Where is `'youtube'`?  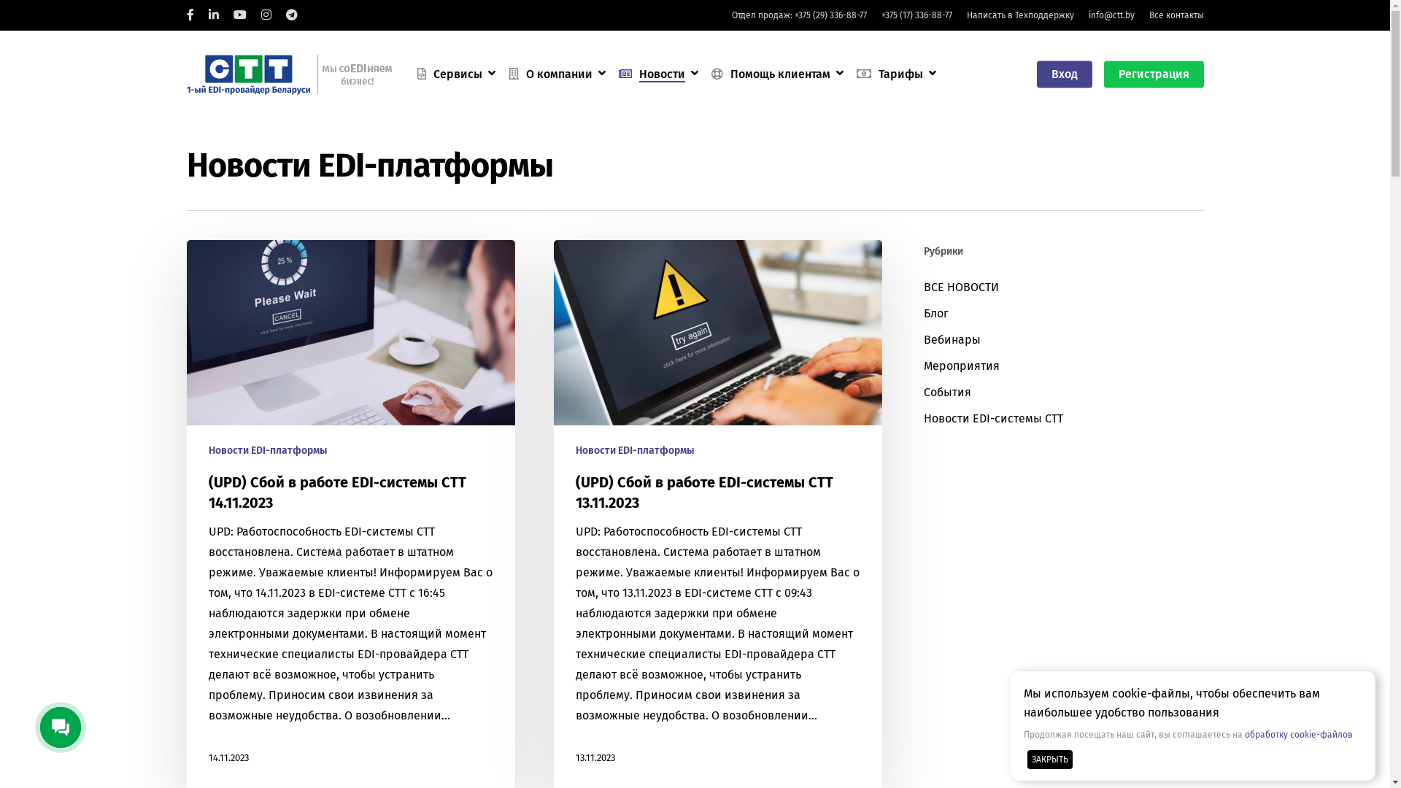 'youtube' is located at coordinates (240, 15).